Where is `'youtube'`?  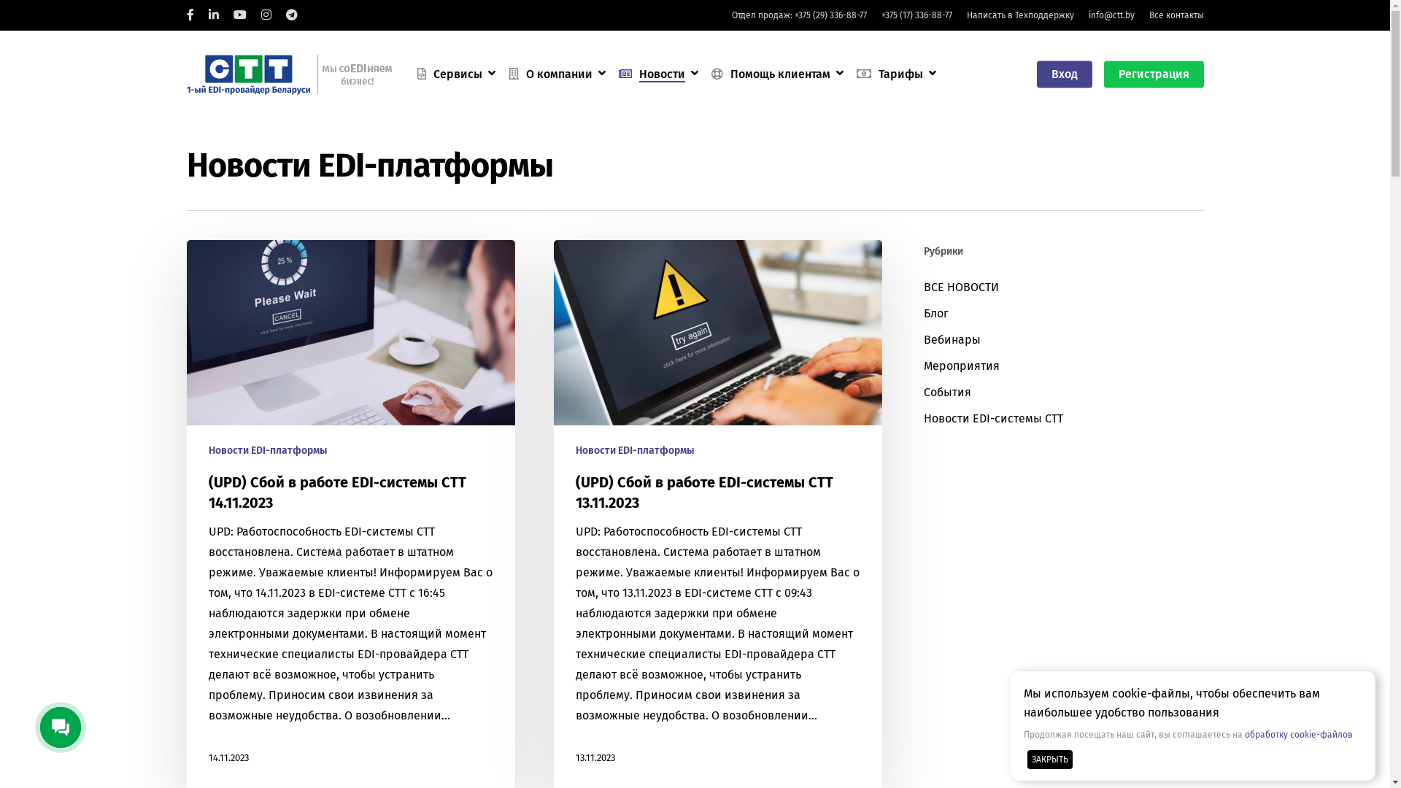 'youtube' is located at coordinates (240, 15).